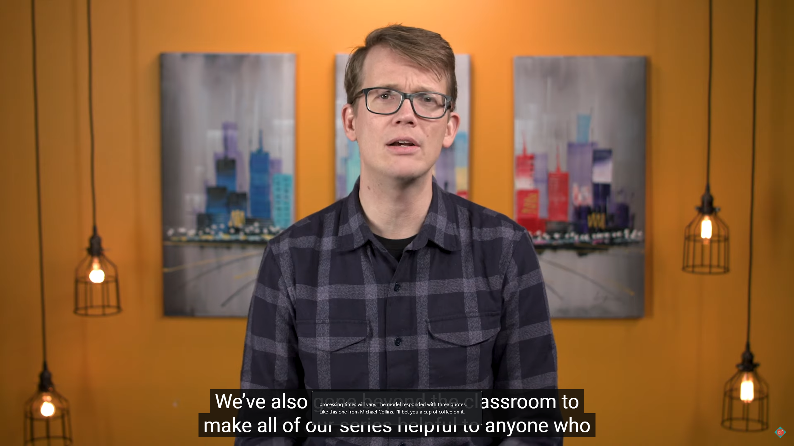 This screenshot has width=794, height=446. Describe the element at coordinates (780, 432) in the screenshot. I see `'Channel watermark'` at that location.